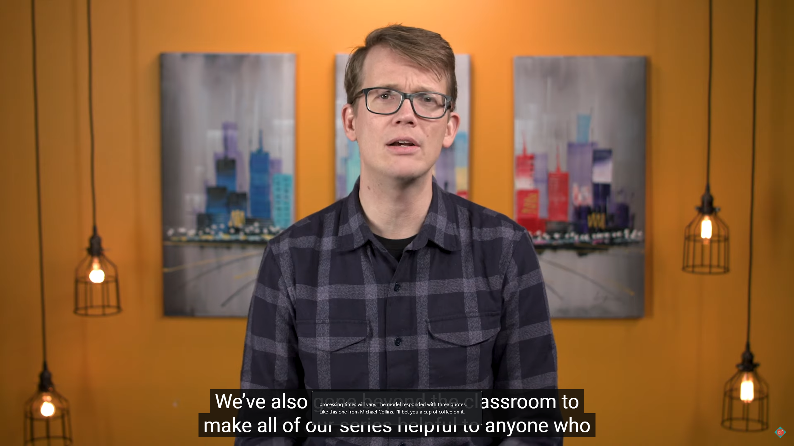 This screenshot has width=794, height=446. Describe the element at coordinates (780, 432) in the screenshot. I see `'Channel watermark'` at that location.